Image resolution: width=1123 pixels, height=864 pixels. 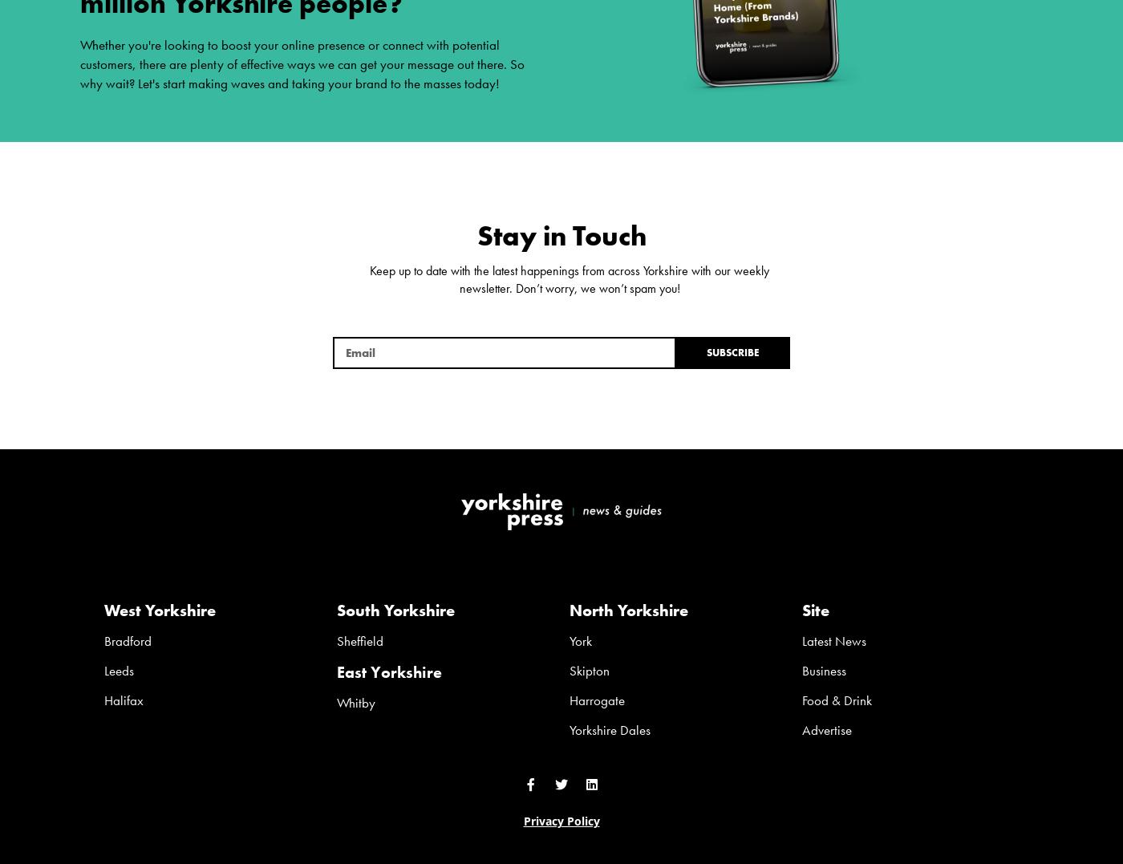 I want to click on 'East Yorkshire', so click(x=337, y=671).